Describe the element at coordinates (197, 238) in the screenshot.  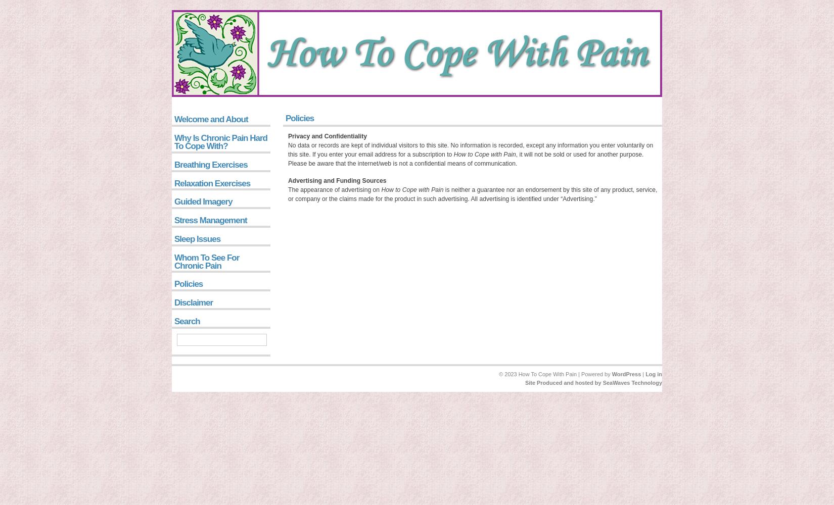
I see `'Sleep Issues'` at that location.